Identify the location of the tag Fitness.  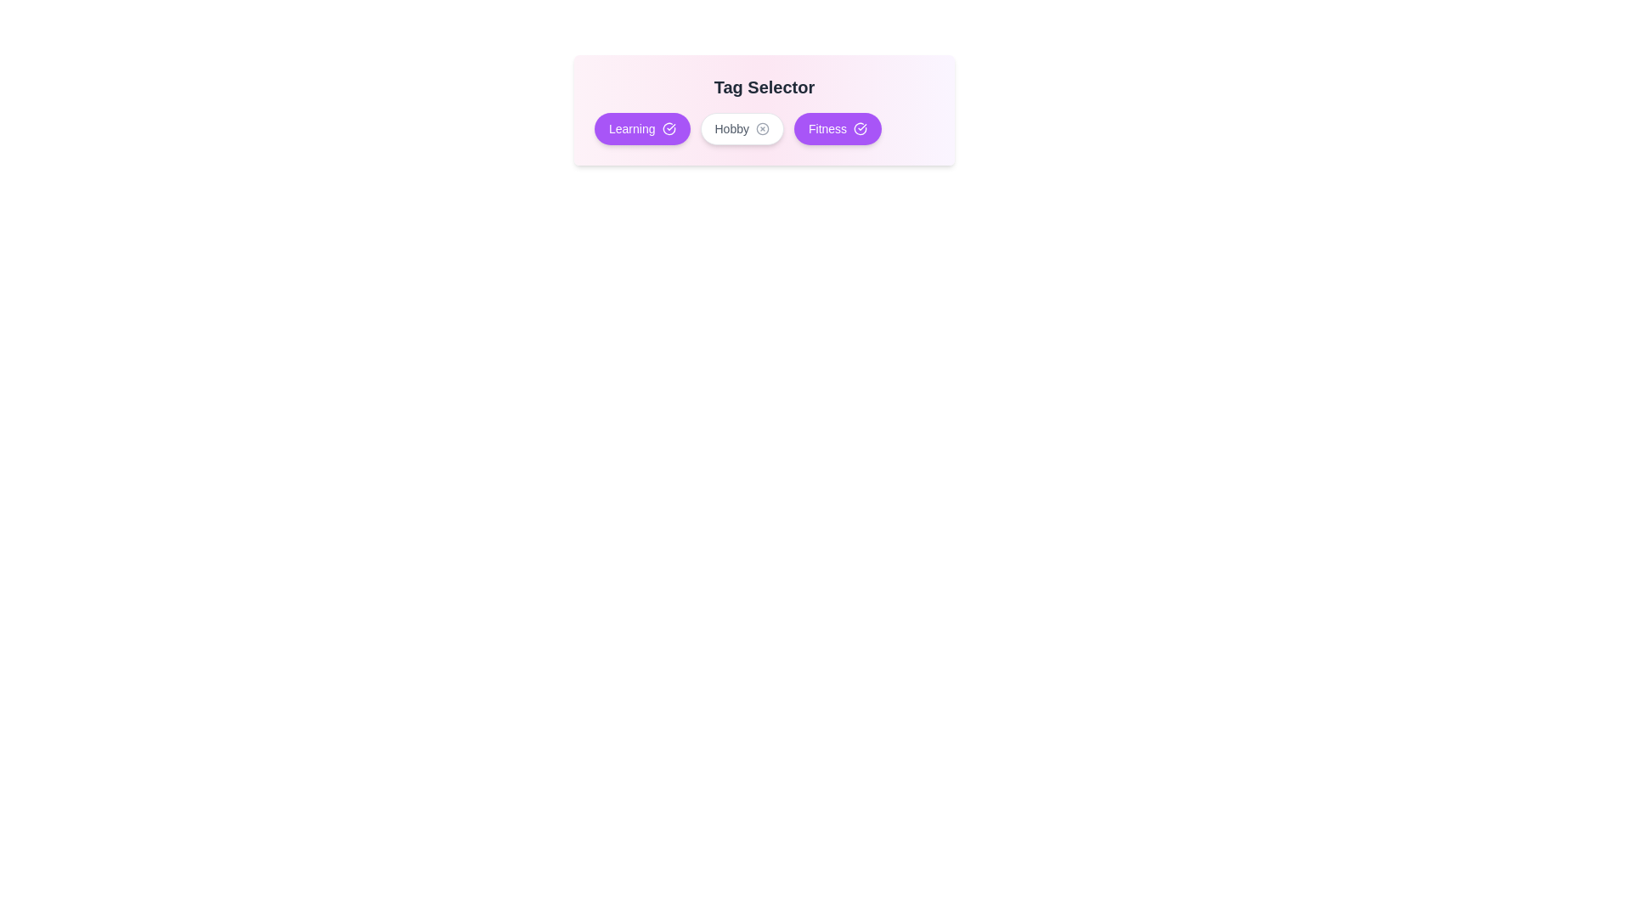
(838, 127).